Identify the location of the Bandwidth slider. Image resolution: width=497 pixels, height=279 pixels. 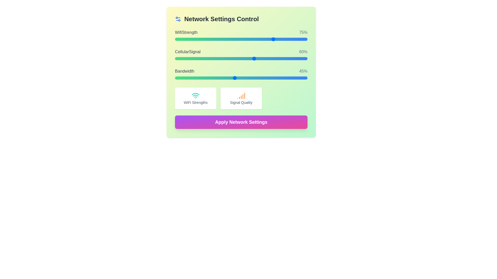
(225, 78).